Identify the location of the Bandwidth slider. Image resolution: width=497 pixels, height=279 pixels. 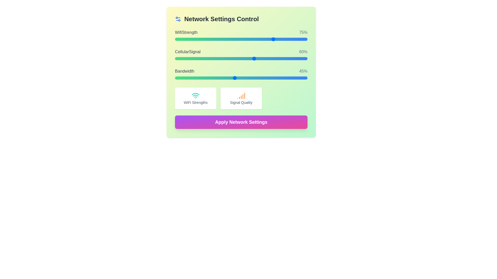
(225, 78).